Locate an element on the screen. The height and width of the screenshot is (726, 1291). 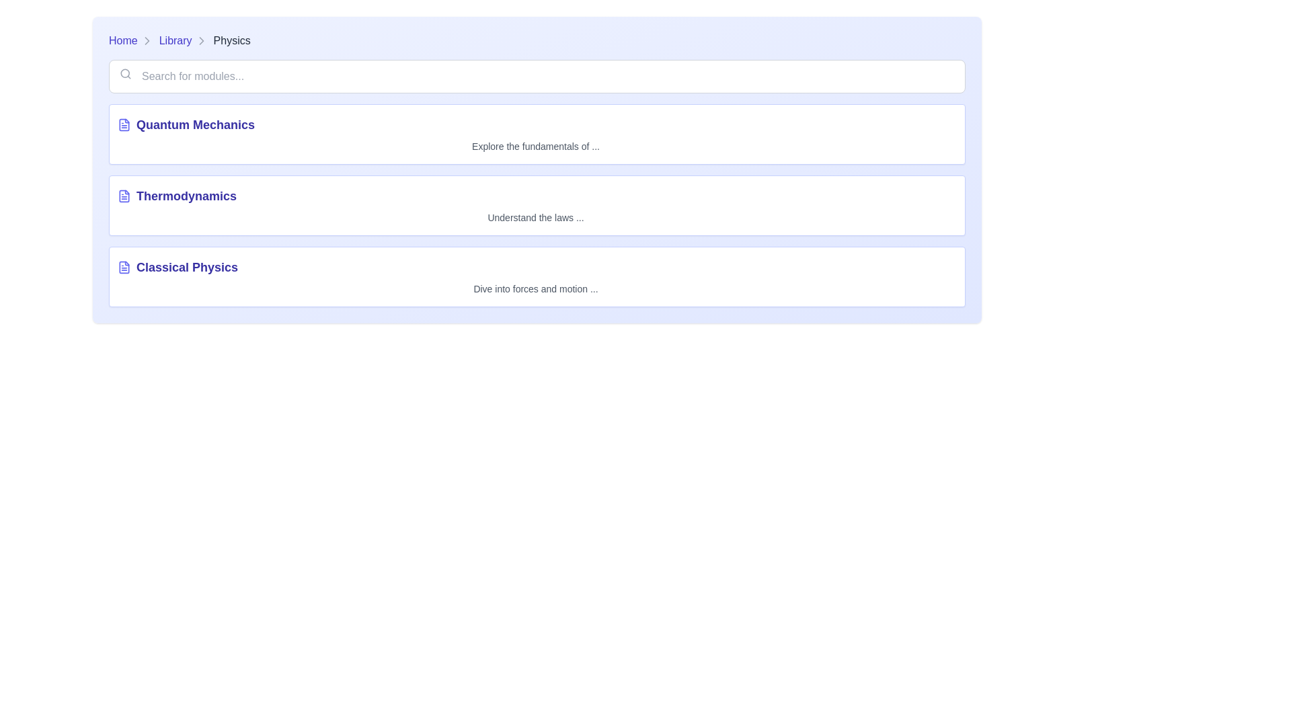
the 'Home' text link in the breadcrumb navigation bar is located at coordinates (131, 40).